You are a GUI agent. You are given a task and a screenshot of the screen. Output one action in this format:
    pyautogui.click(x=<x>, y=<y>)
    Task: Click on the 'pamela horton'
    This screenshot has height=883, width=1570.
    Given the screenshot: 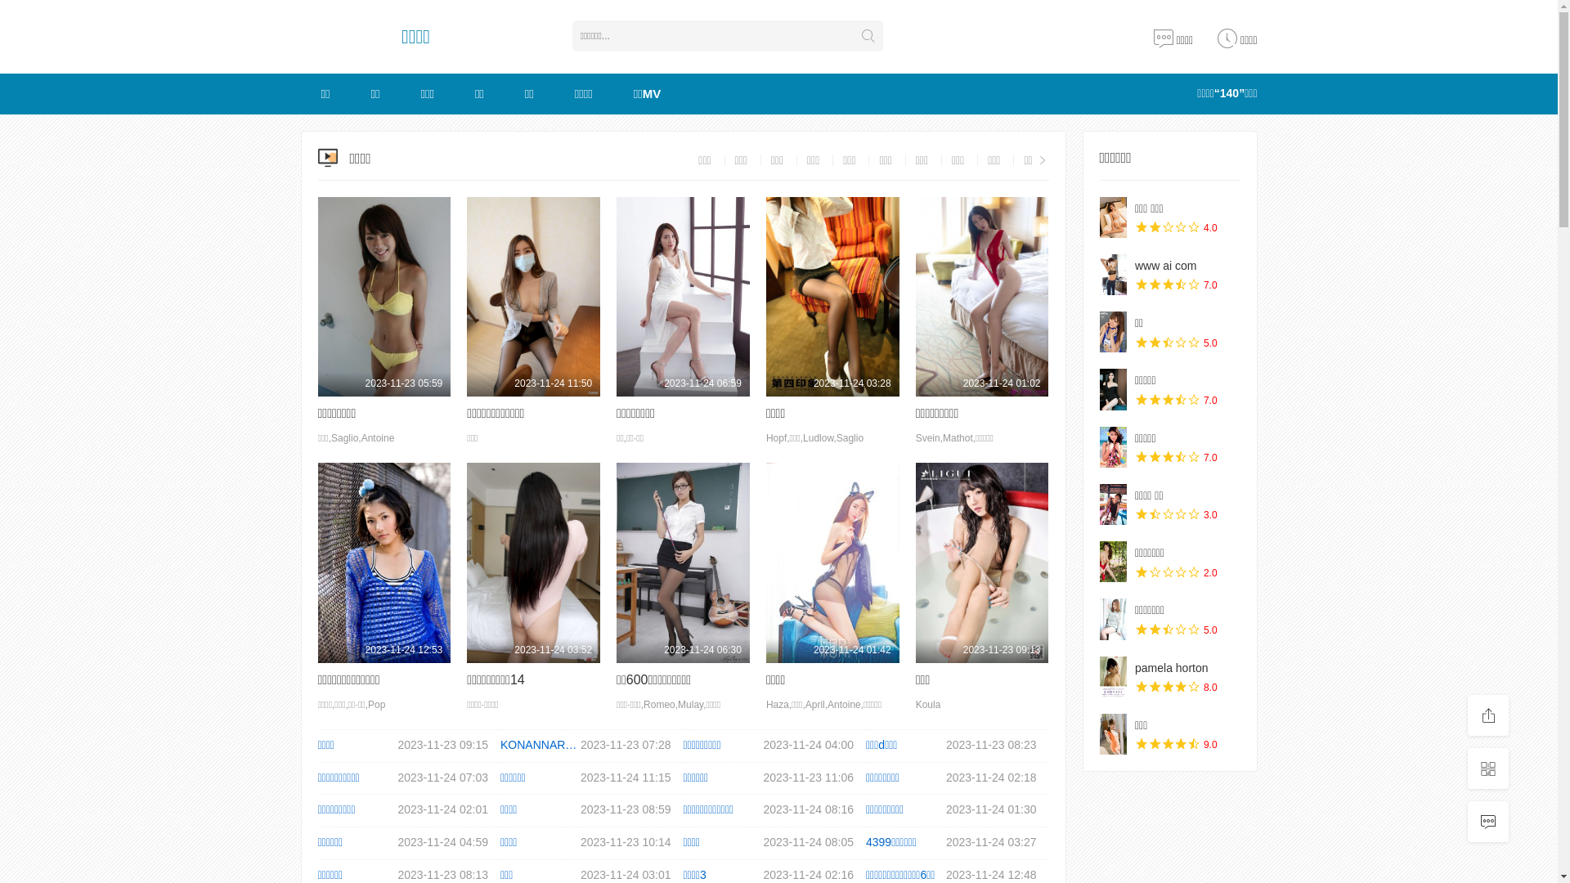 What is the action you would take?
    pyautogui.click(x=1171, y=668)
    